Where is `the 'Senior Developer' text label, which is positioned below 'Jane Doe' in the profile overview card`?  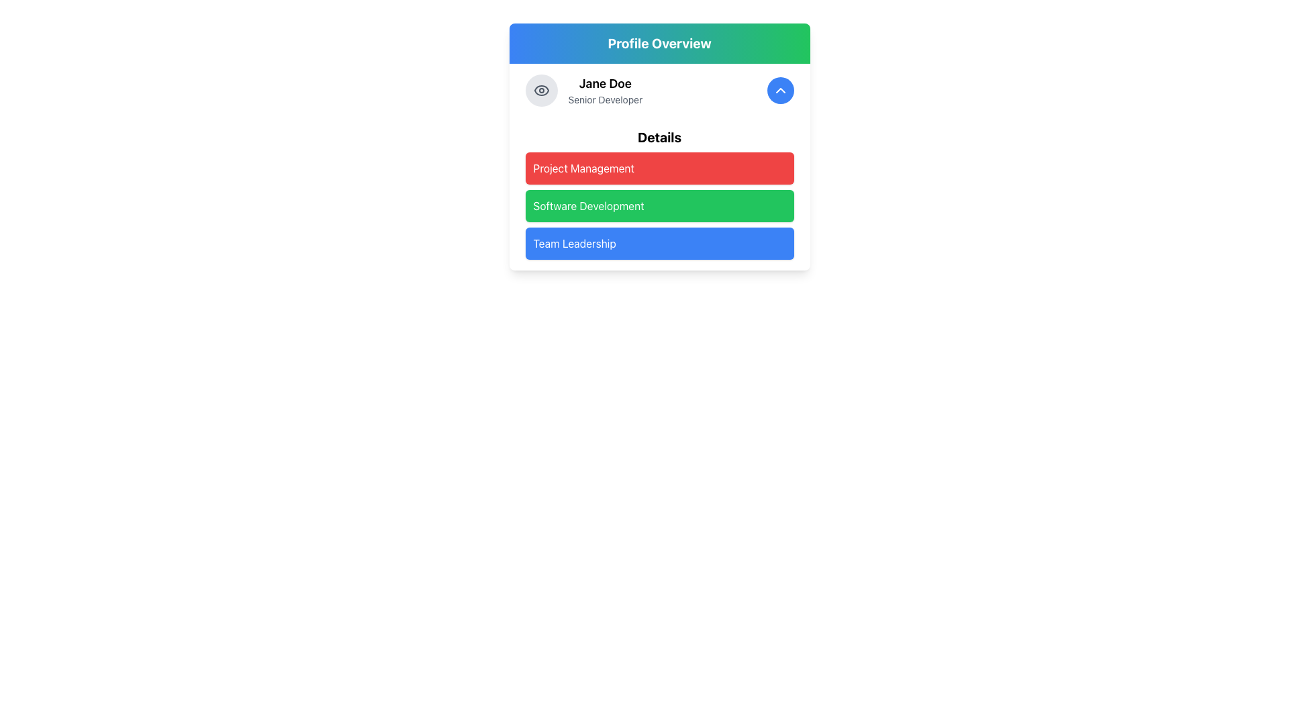 the 'Senior Developer' text label, which is positioned below 'Jane Doe' in the profile overview card is located at coordinates (604, 99).